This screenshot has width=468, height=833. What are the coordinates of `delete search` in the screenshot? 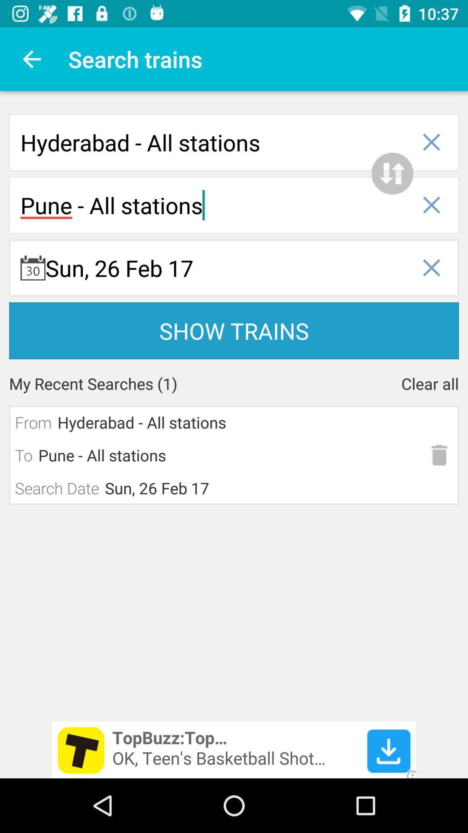 It's located at (439, 455).